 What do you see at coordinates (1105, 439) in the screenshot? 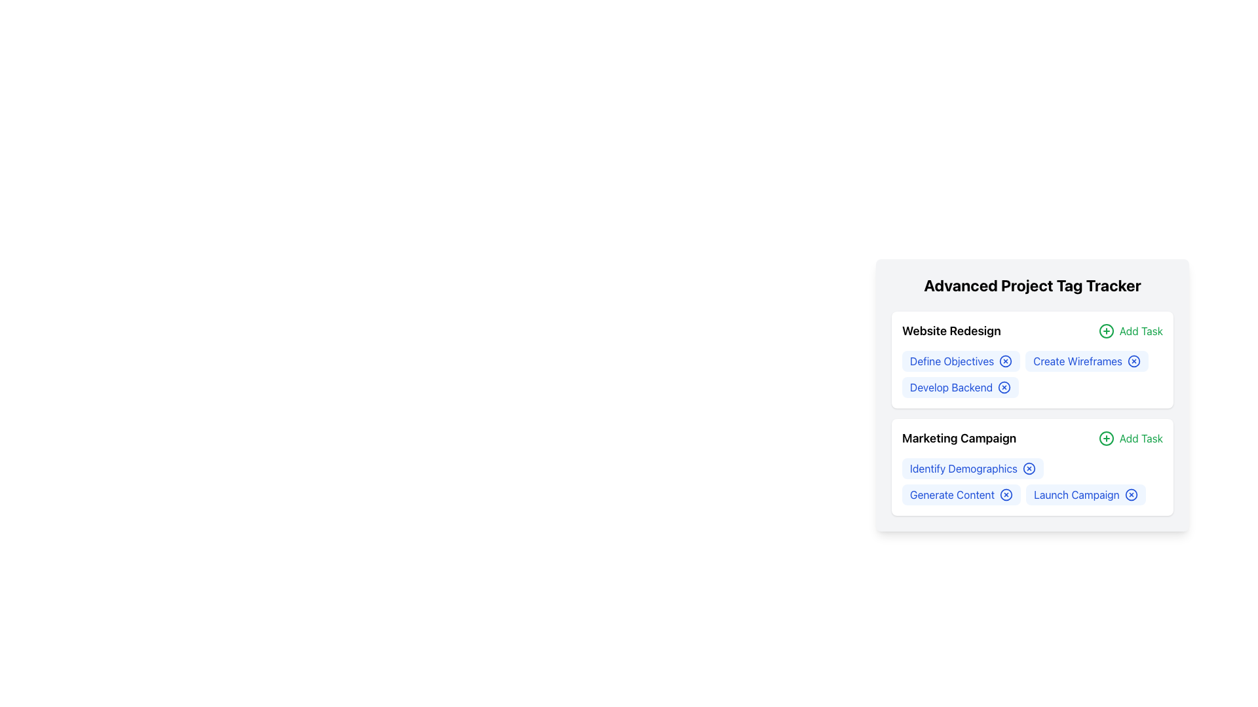
I see `the 'Add Task' button in the 'Marketing Campaign' section` at bounding box center [1105, 439].